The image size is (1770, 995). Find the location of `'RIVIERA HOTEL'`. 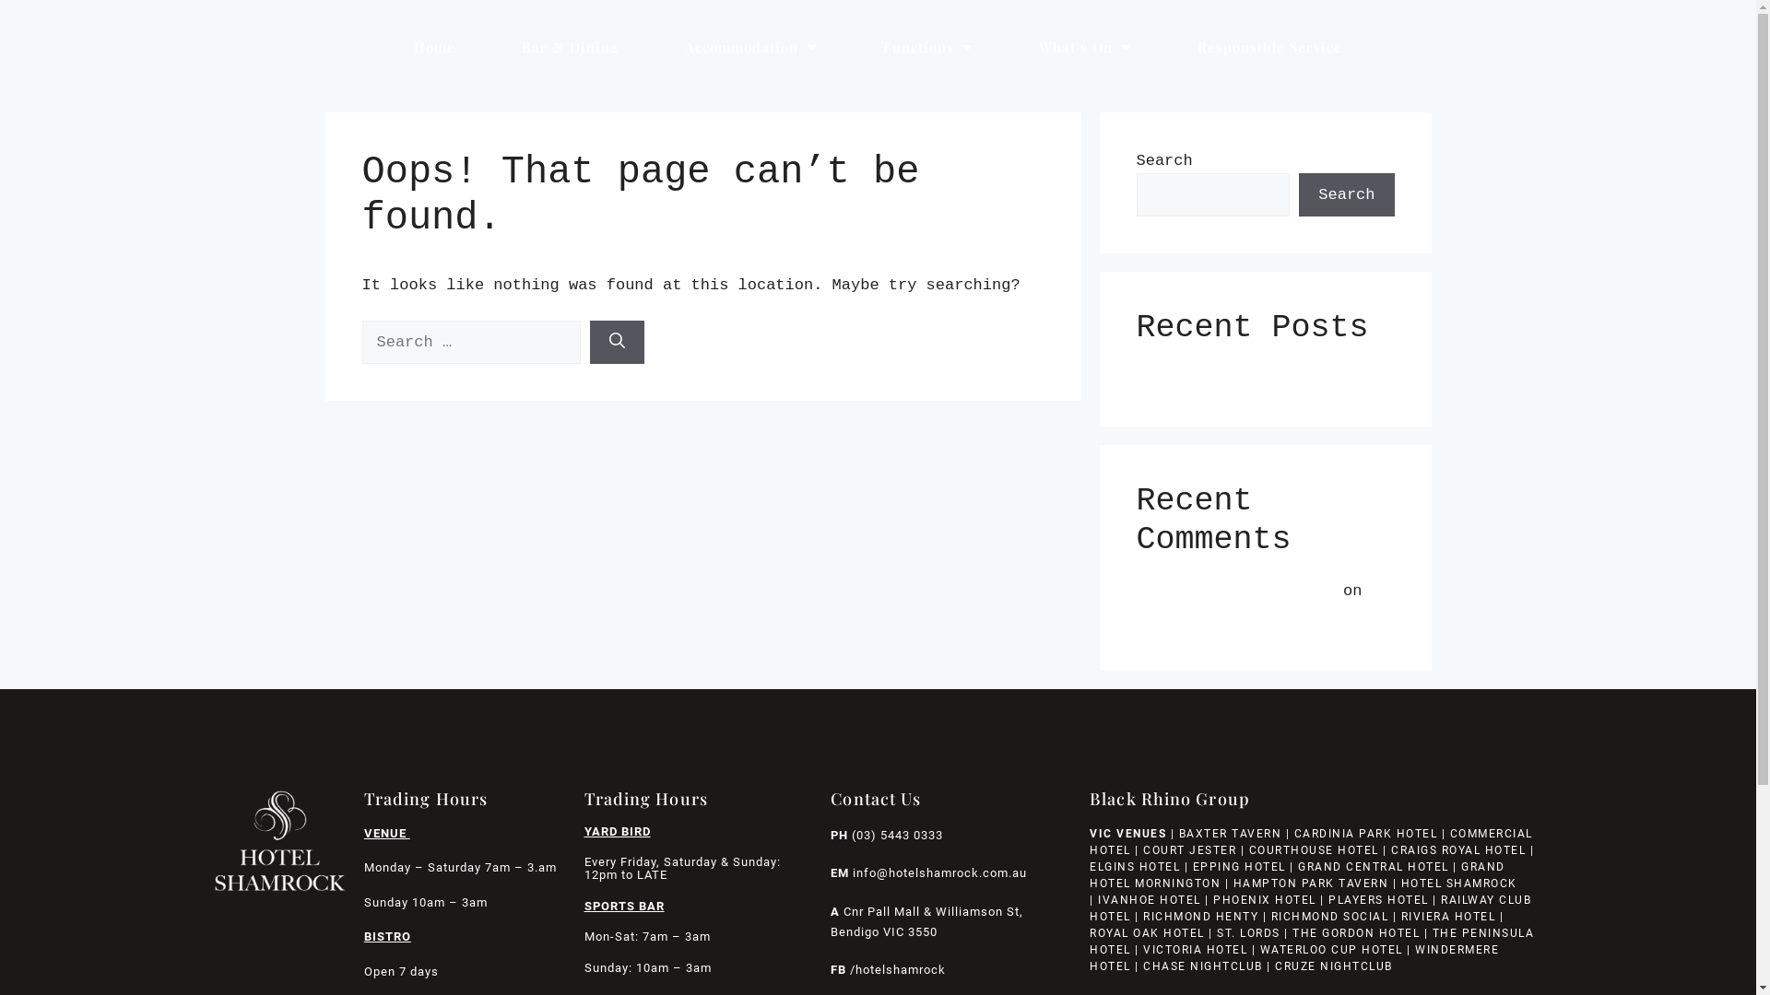

'RIVIERA HOTEL' is located at coordinates (1447, 917).